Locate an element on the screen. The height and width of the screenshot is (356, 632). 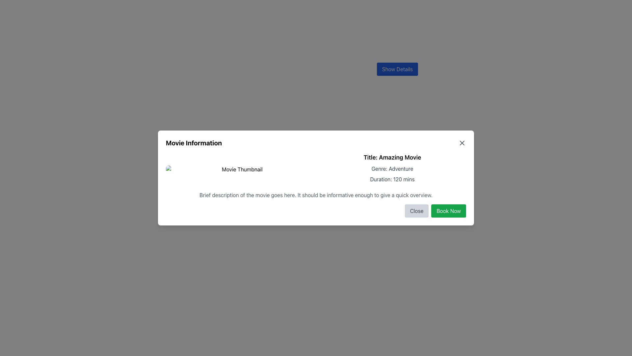
the blue rectangular button labeled 'Show Details' to observe the style change in the background color is located at coordinates (397, 69).